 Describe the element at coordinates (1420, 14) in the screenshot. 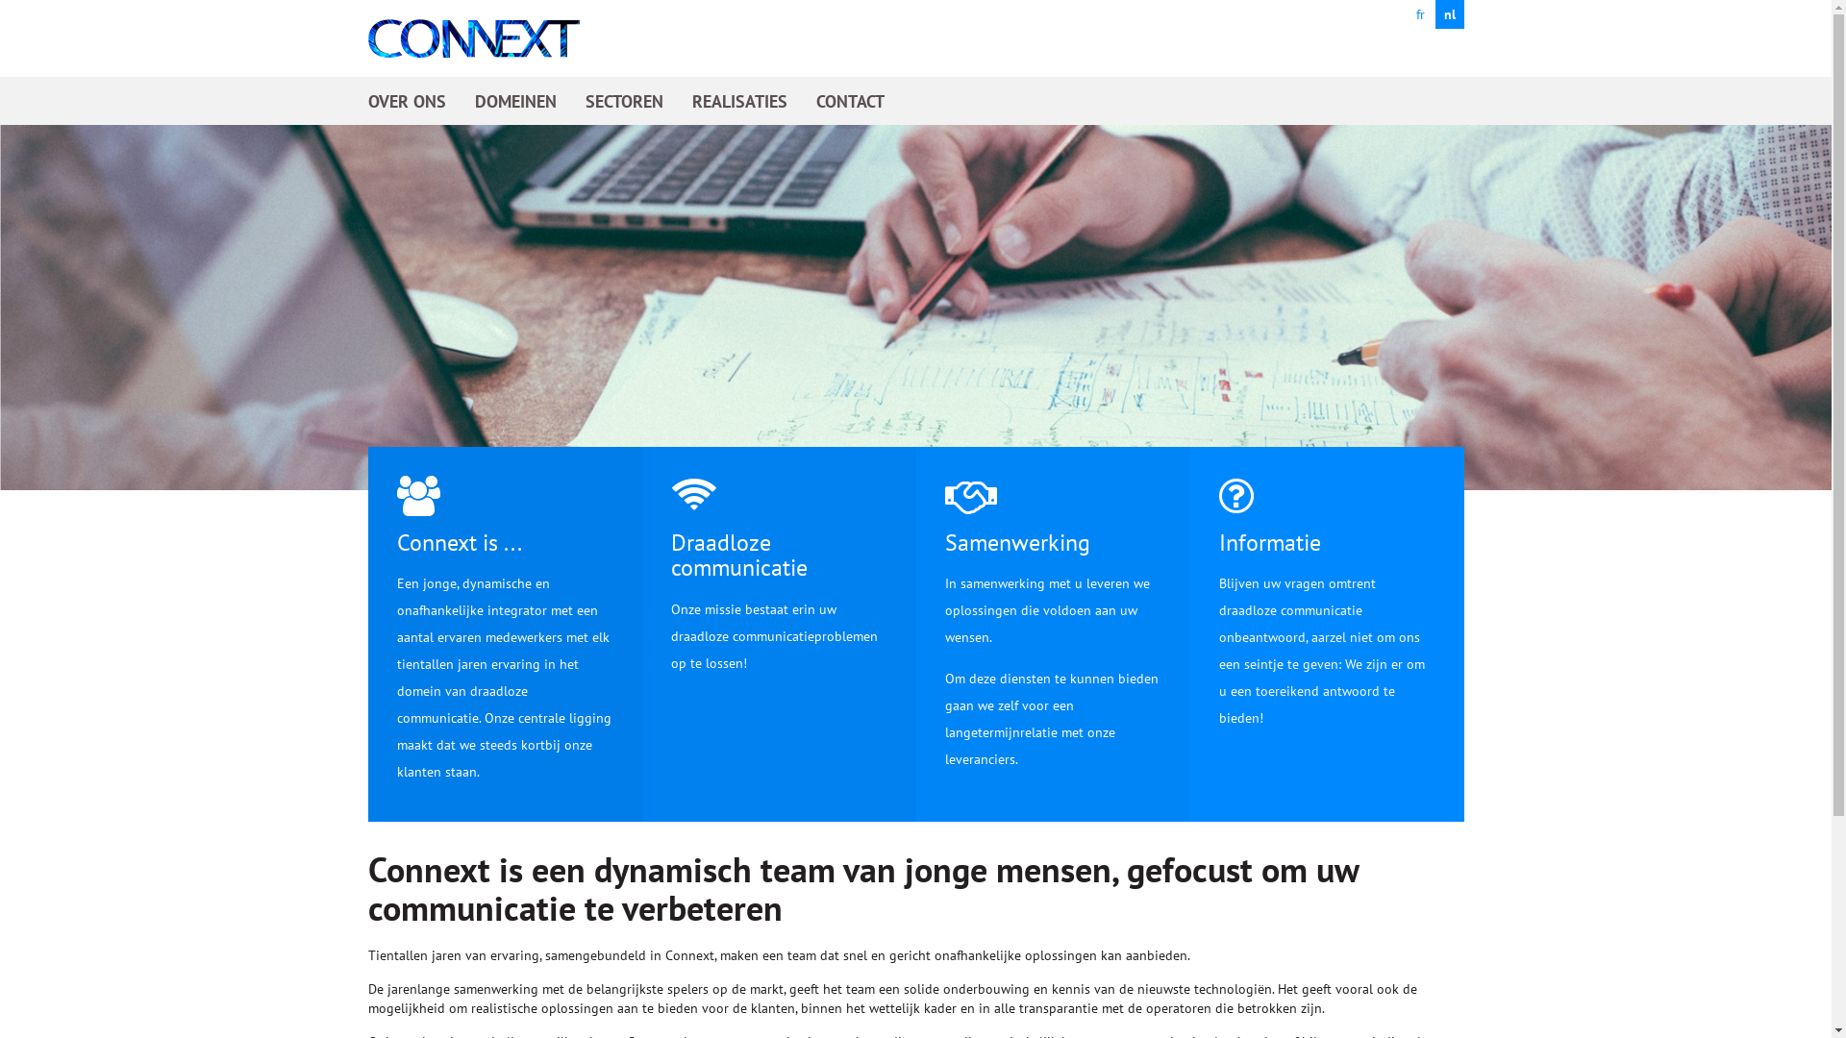

I see `'fr'` at that location.